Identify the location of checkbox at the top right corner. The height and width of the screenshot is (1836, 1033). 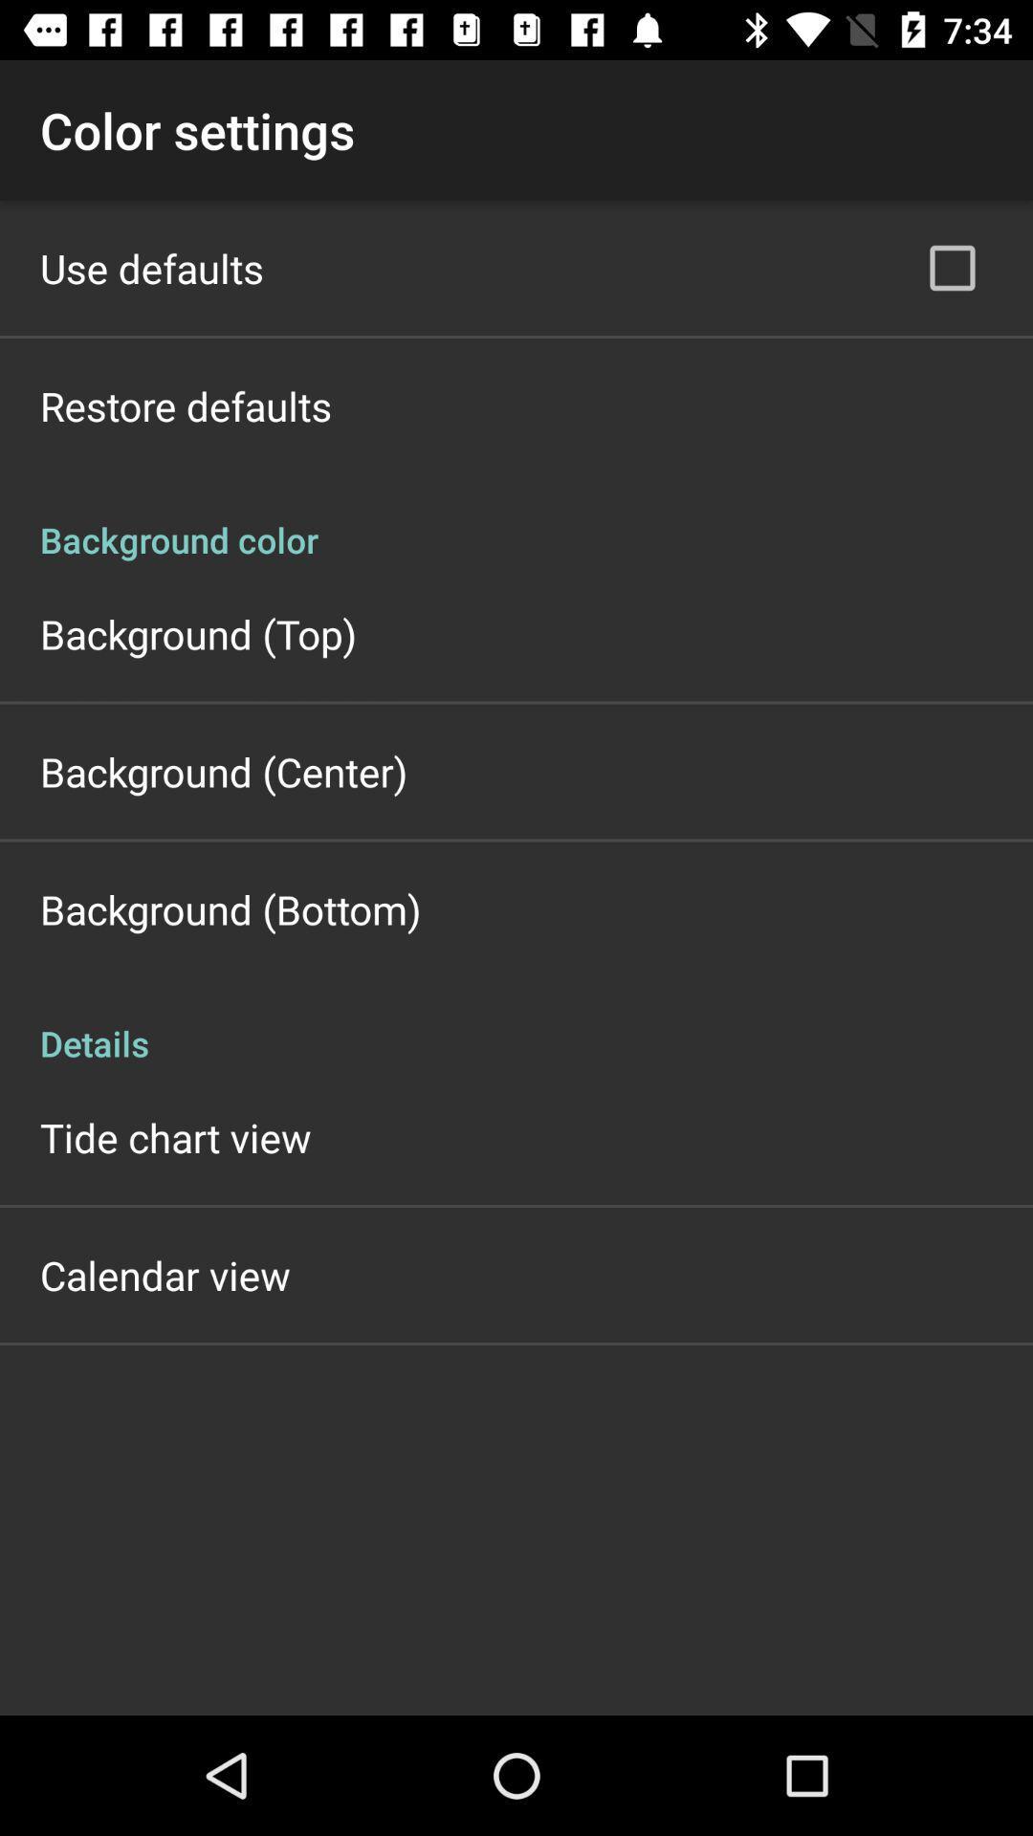
(952, 267).